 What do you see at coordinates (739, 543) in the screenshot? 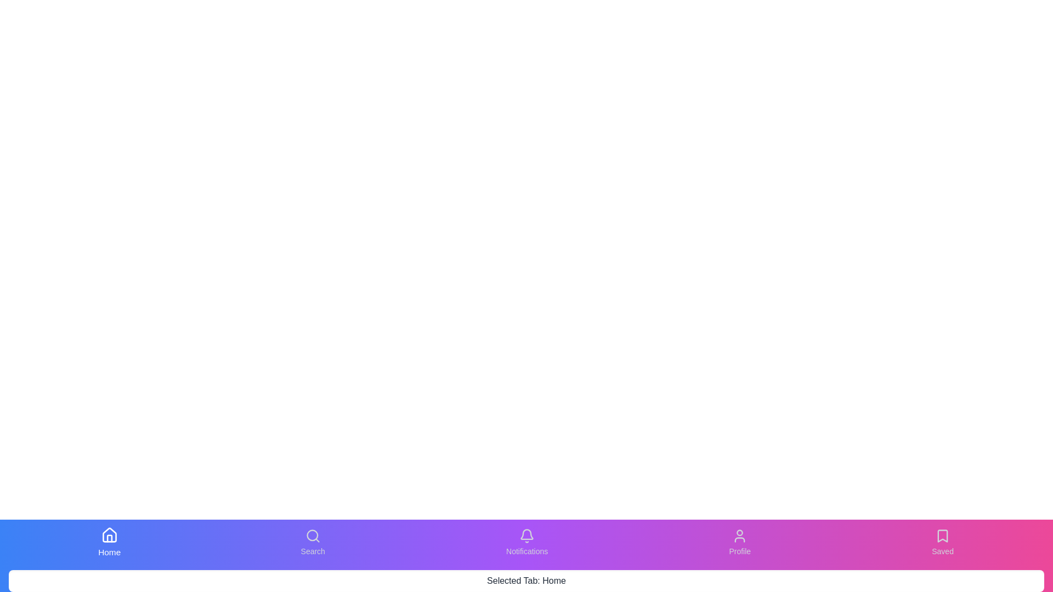
I see `the tab labeled Profile from the bottom navigation bar` at bounding box center [739, 543].